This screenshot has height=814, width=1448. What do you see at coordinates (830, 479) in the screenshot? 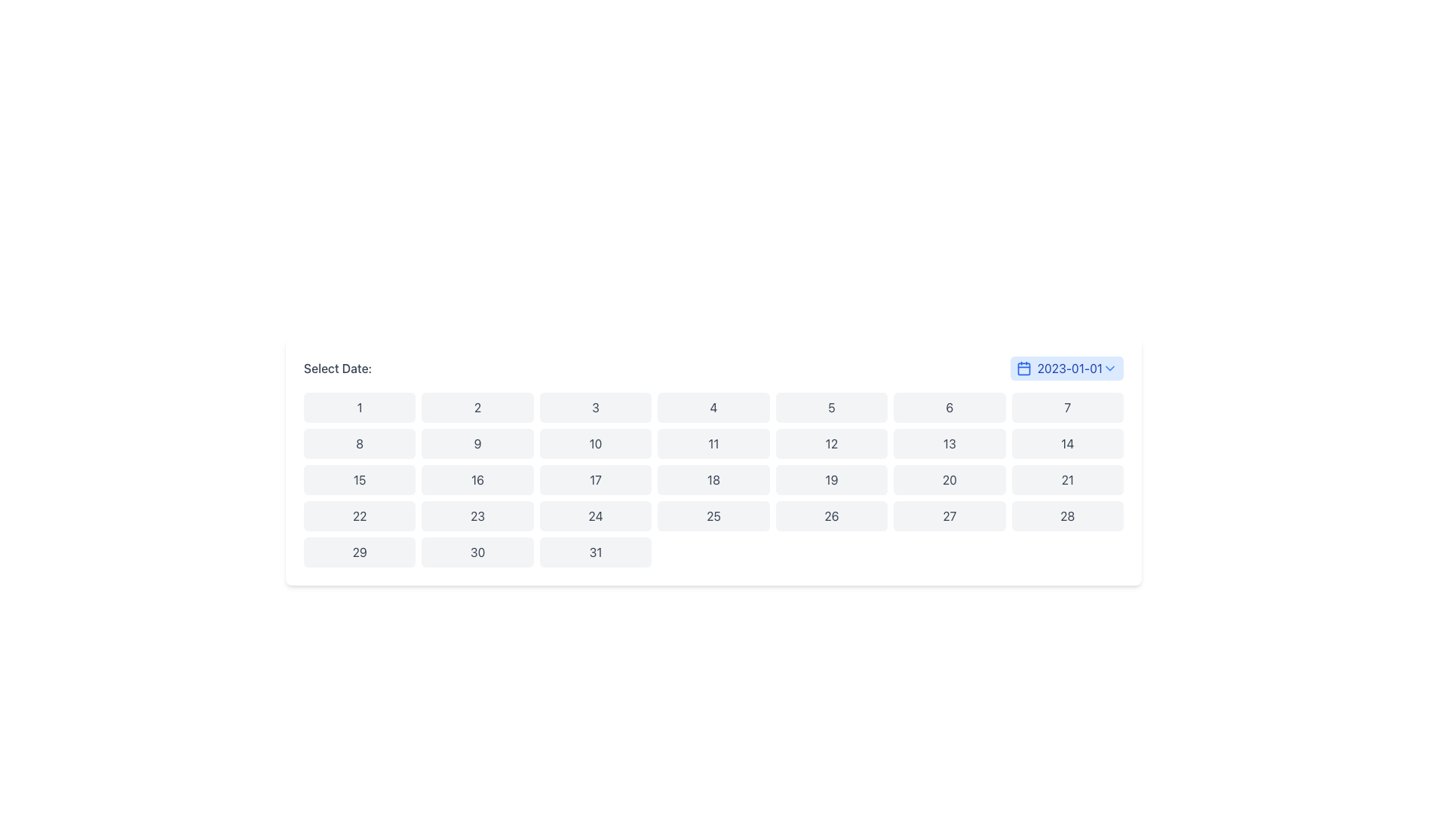
I see `the button representing the date '19' in the calendar interface` at bounding box center [830, 479].